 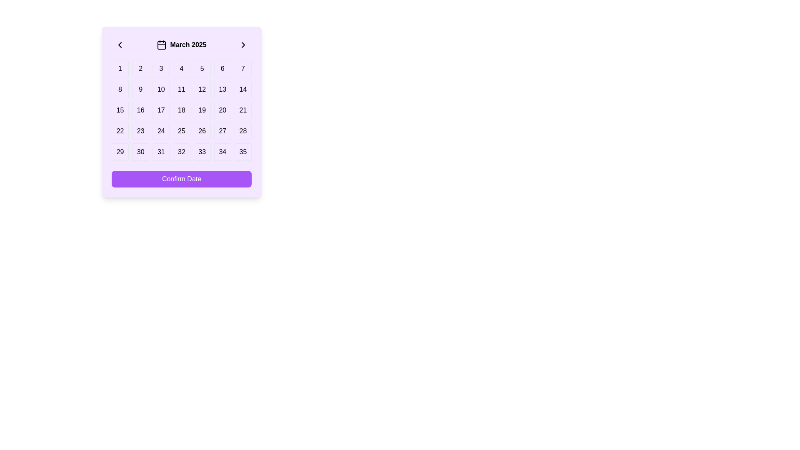 What do you see at coordinates (181, 45) in the screenshot?
I see `the Header display with navigational controls` at bounding box center [181, 45].